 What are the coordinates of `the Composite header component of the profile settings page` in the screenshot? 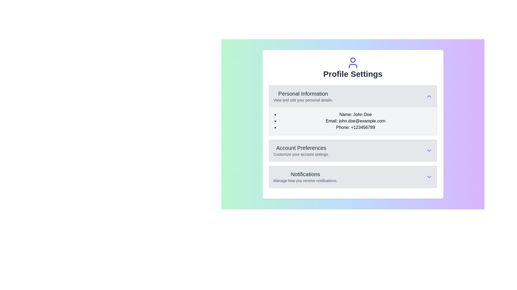 It's located at (353, 67).